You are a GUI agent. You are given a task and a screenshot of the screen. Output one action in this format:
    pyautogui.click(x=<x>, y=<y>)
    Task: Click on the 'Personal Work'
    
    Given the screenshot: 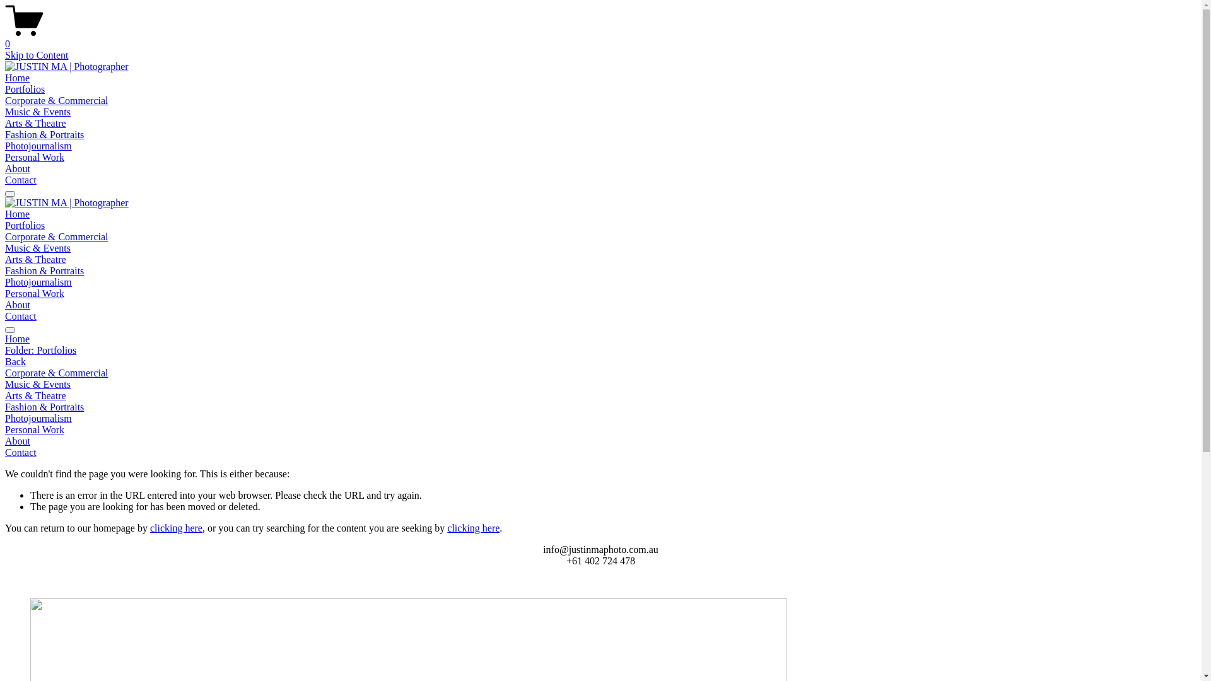 What is the action you would take?
    pyautogui.click(x=34, y=156)
    